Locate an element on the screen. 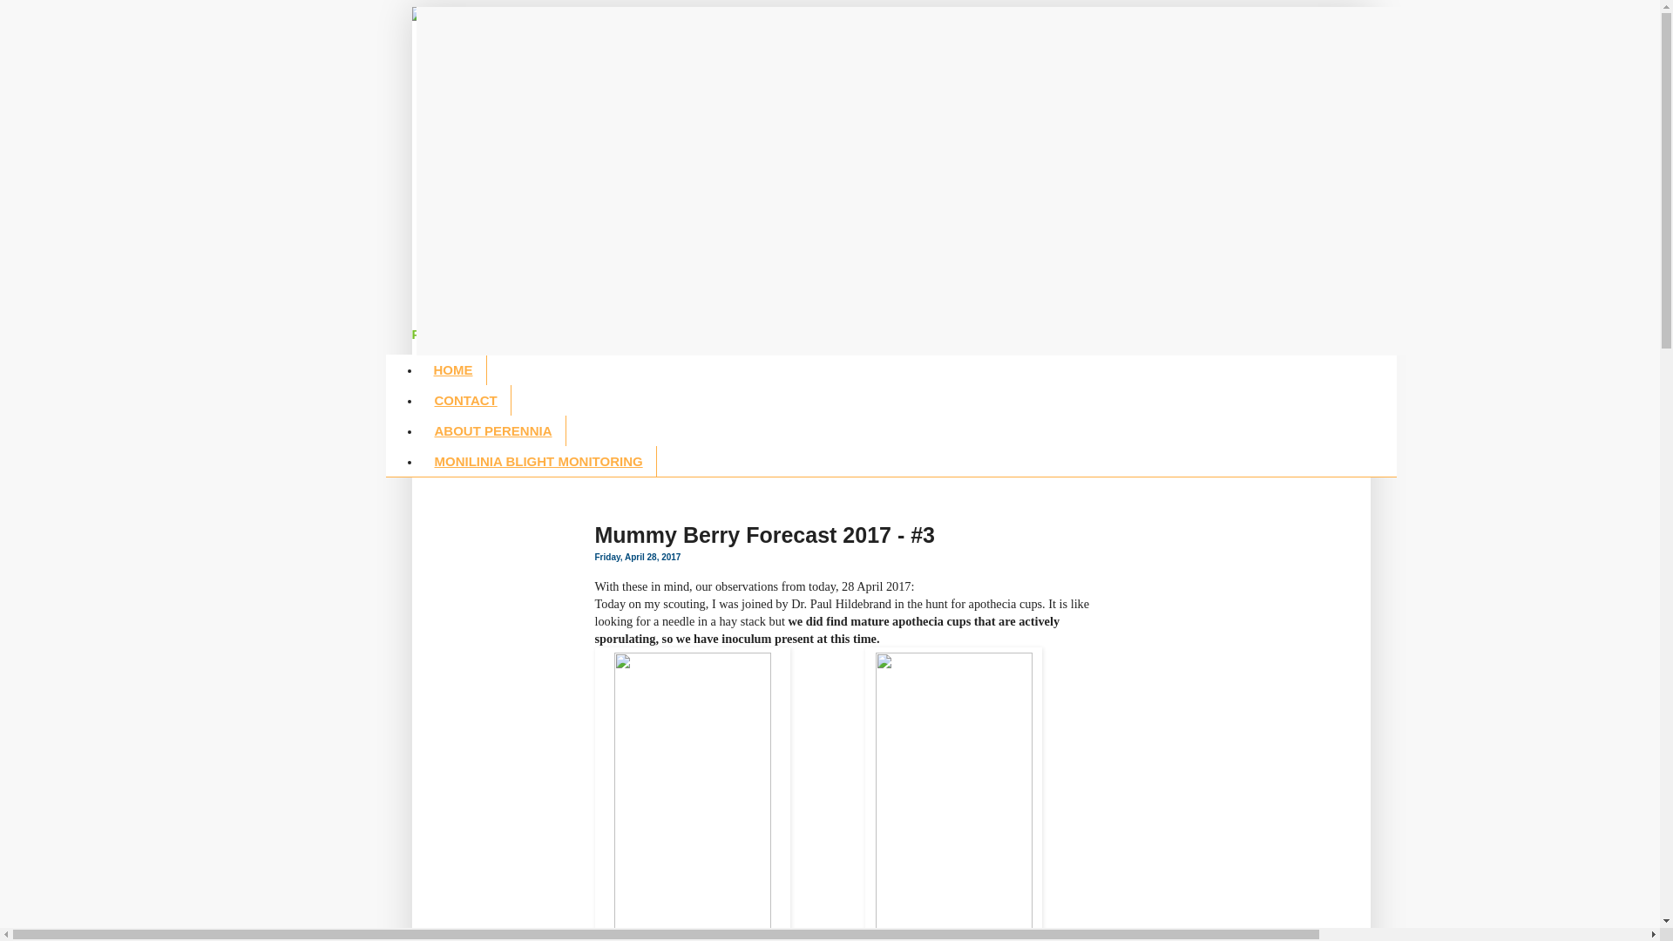 The height and width of the screenshot is (941, 1673). 'MONILINIA BLIGHT MONITORING' is located at coordinates (537, 460).